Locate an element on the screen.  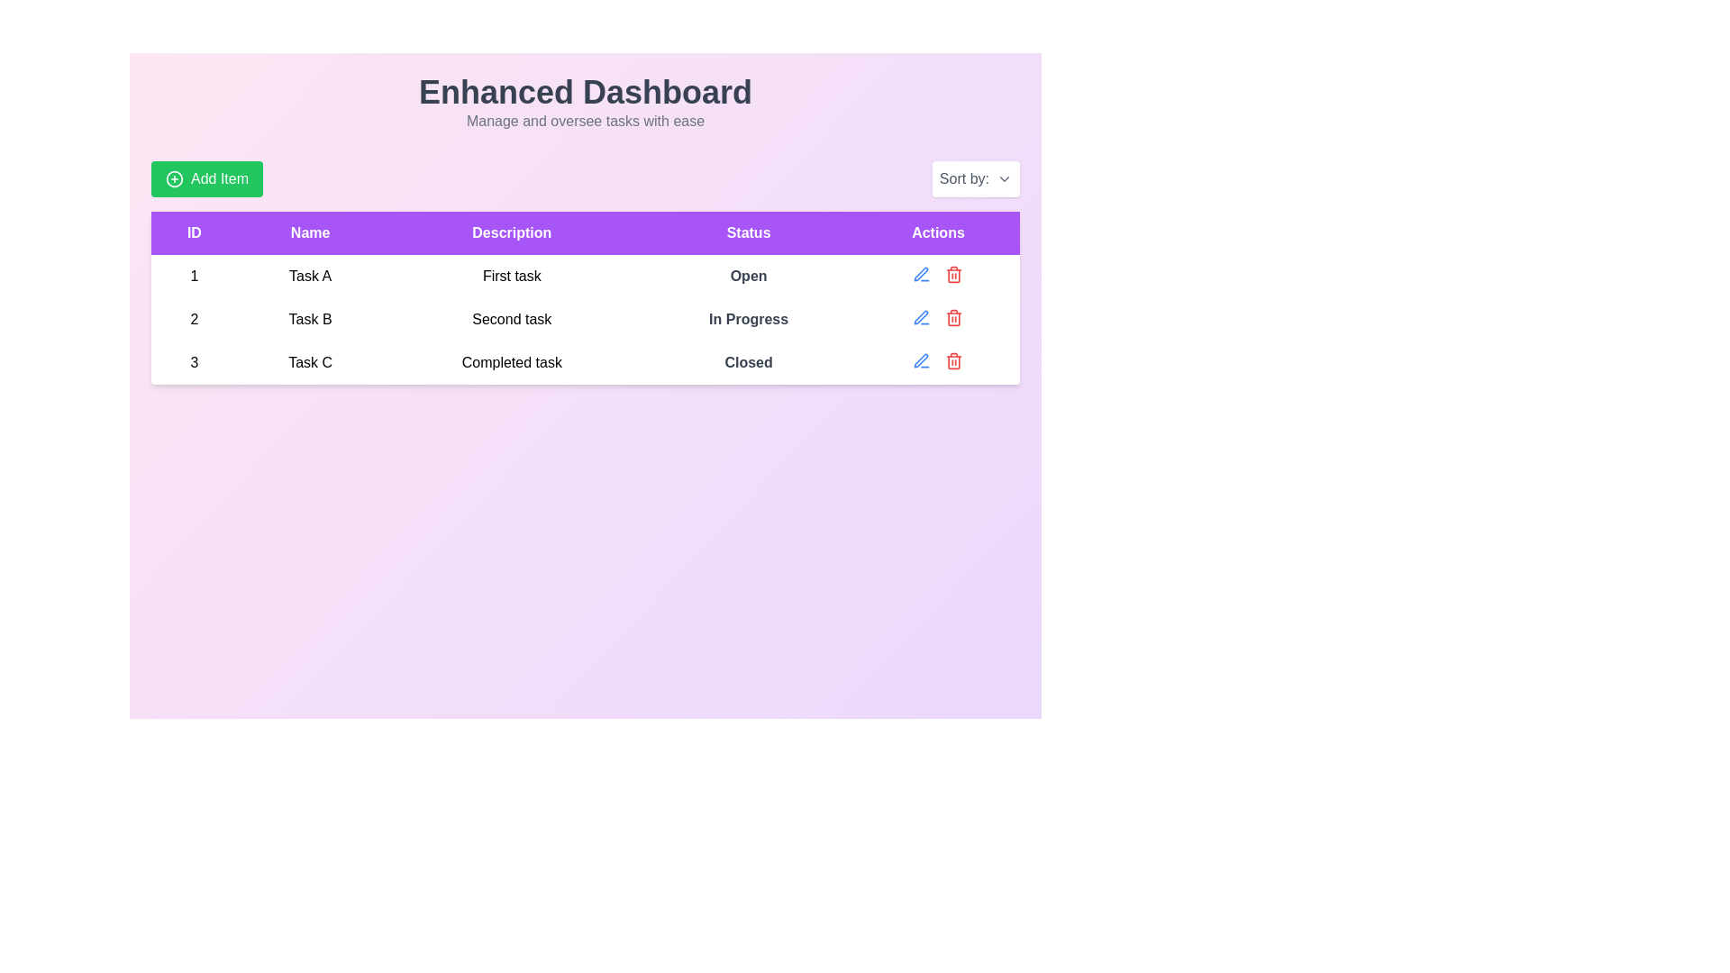
the icon in the last column of the first row under the 'Actions' header is located at coordinates (937, 274).